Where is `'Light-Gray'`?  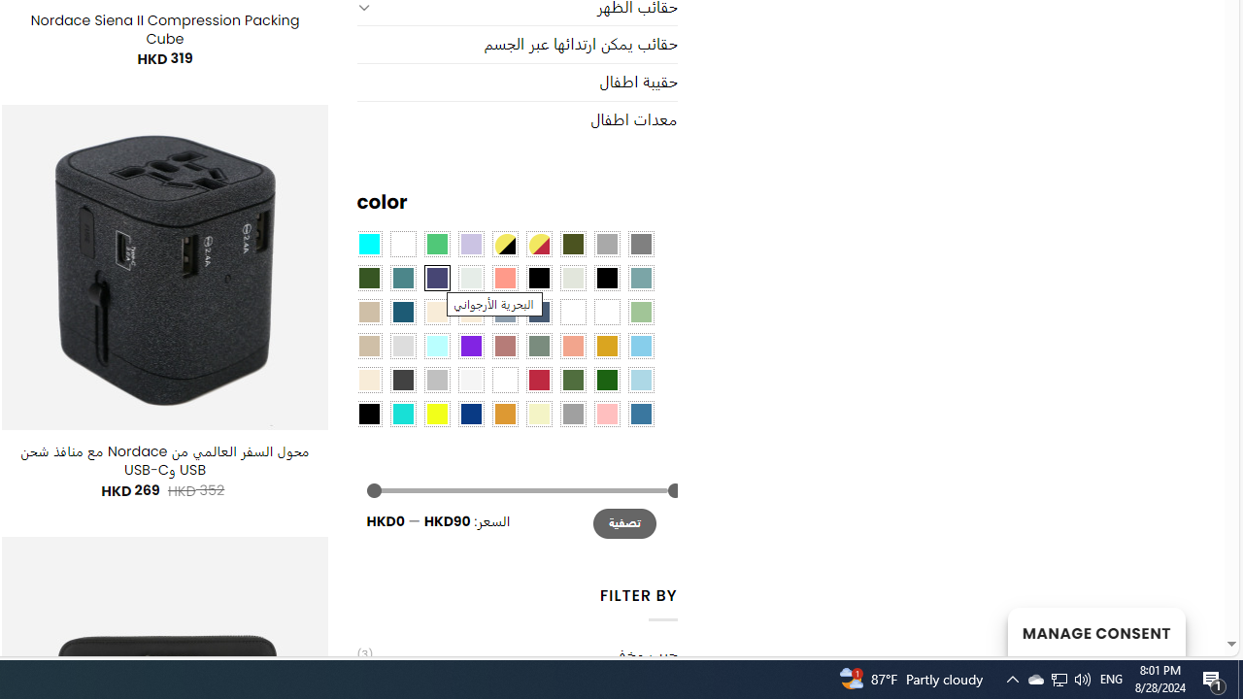
'Light-Gray' is located at coordinates (401, 344).